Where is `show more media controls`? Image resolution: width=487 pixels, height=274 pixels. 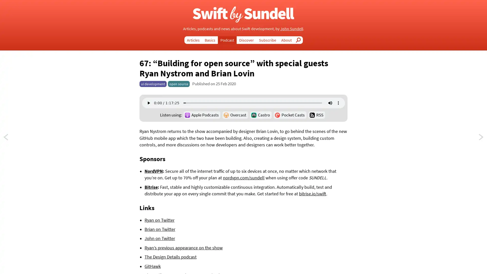 show more media controls is located at coordinates (338, 103).